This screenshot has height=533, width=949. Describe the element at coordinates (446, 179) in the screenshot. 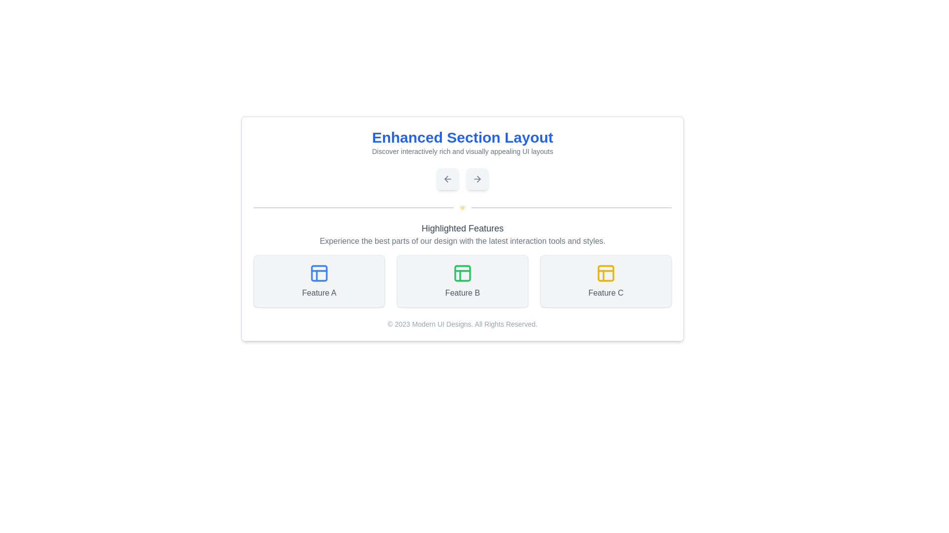

I see `the leftward arrow navigation control located below the 'Enhanced Section Layout' heading` at that location.